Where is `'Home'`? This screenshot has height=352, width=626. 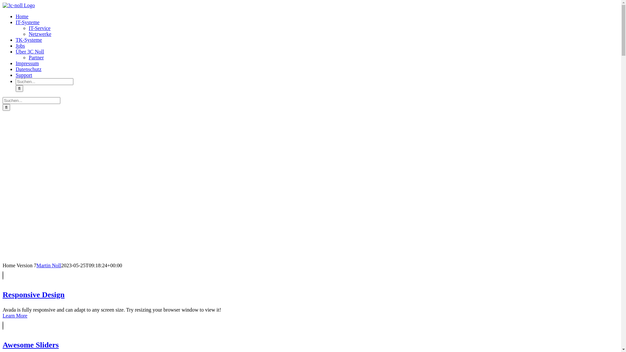 'Home' is located at coordinates (22, 16).